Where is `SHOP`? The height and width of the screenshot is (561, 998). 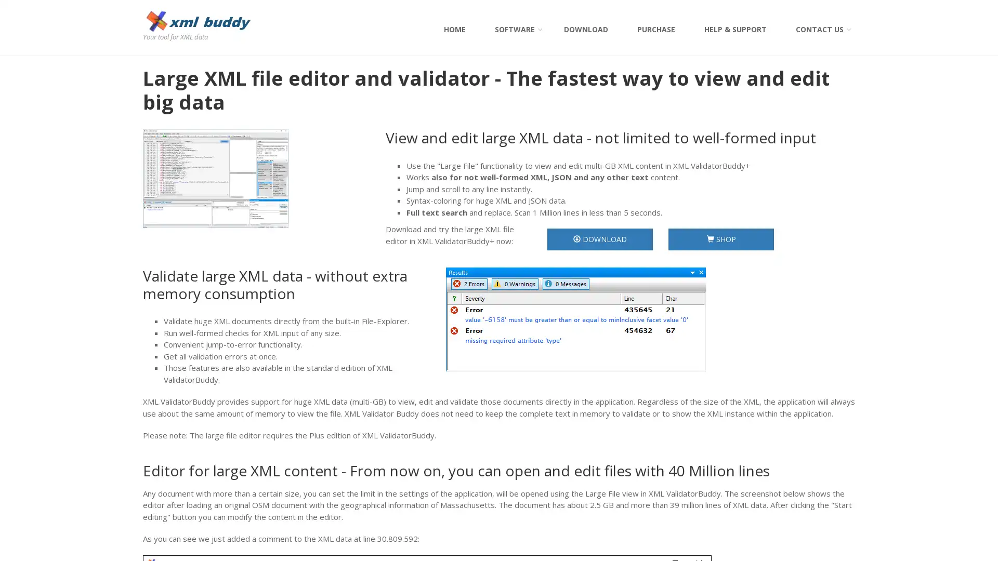
SHOP is located at coordinates (720, 239).